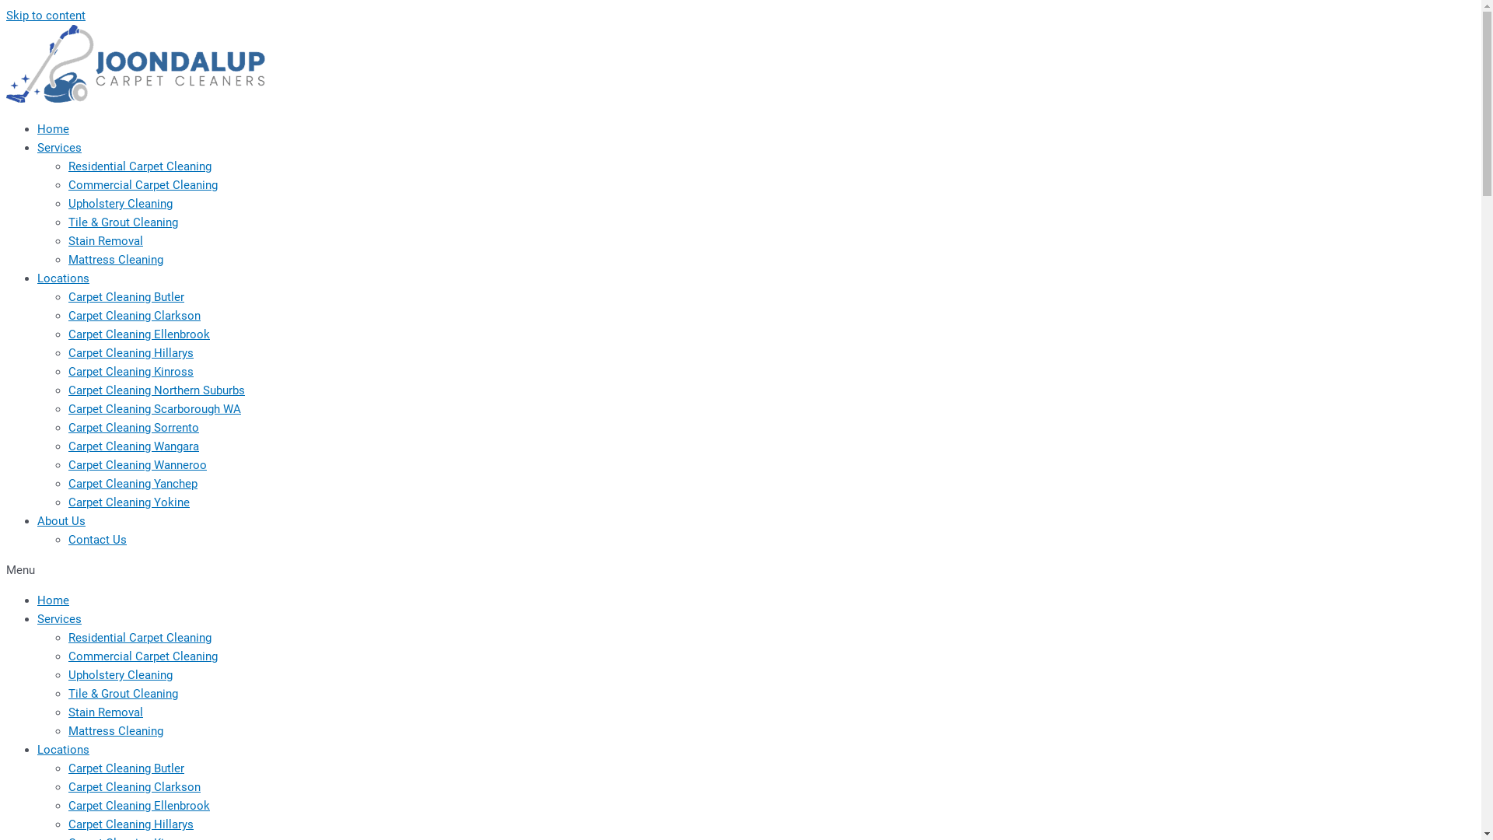 This screenshot has height=840, width=1493. Describe the element at coordinates (142, 184) in the screenshot. I see `'Commercial Carpet Cleaning'` at that location.